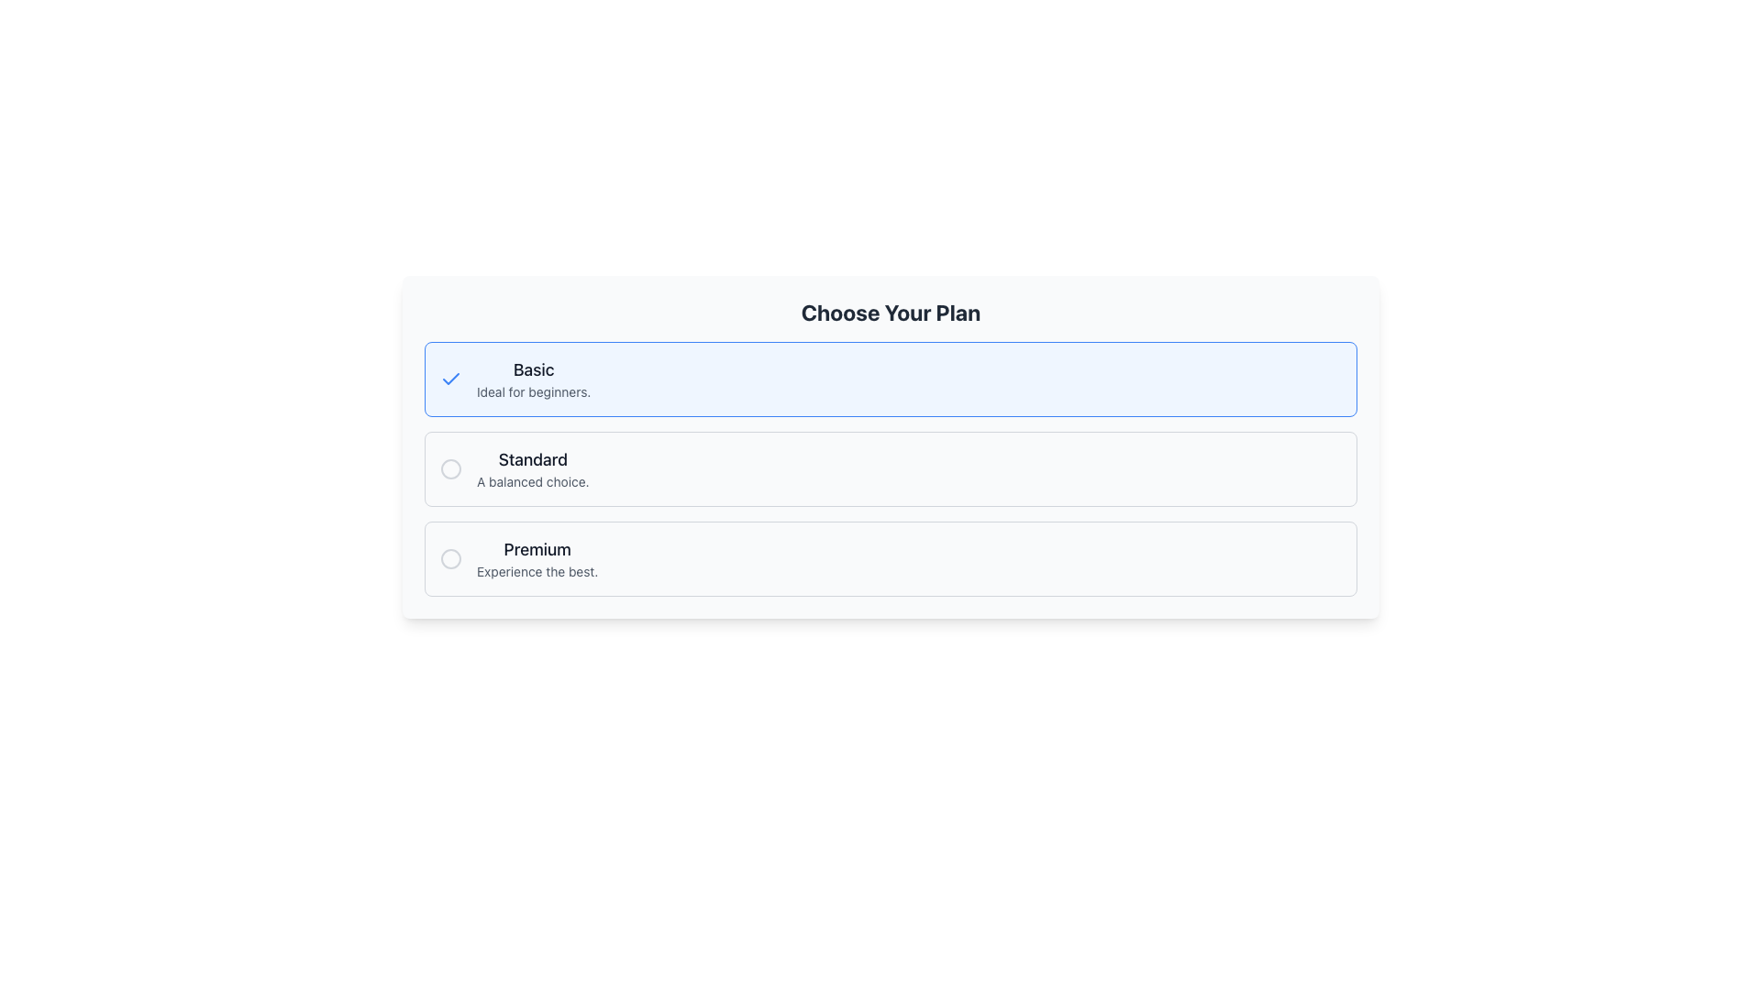 The height and width of the screenshot is (990, 1761). Describe the element at coordinates (450, 557) in the screenshot. I see `the unselected radio button for the 'Premium' plan` at that location.